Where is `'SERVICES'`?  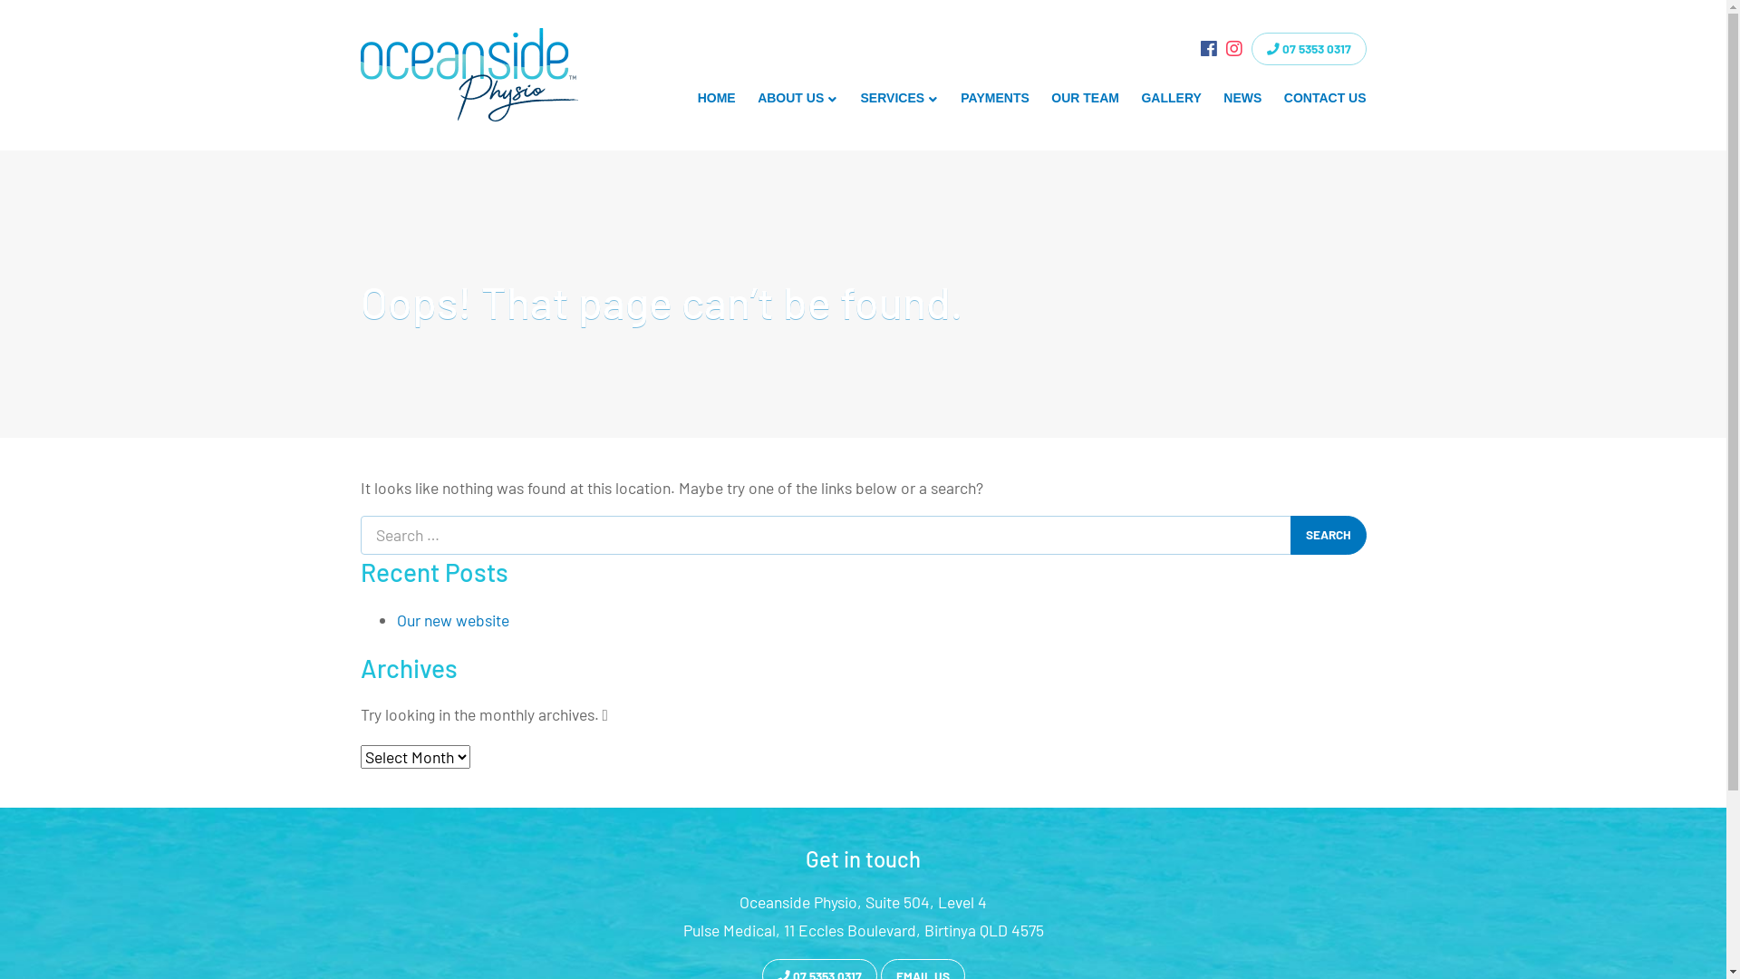 'SERVICES' is located at coordinates (899, 98).